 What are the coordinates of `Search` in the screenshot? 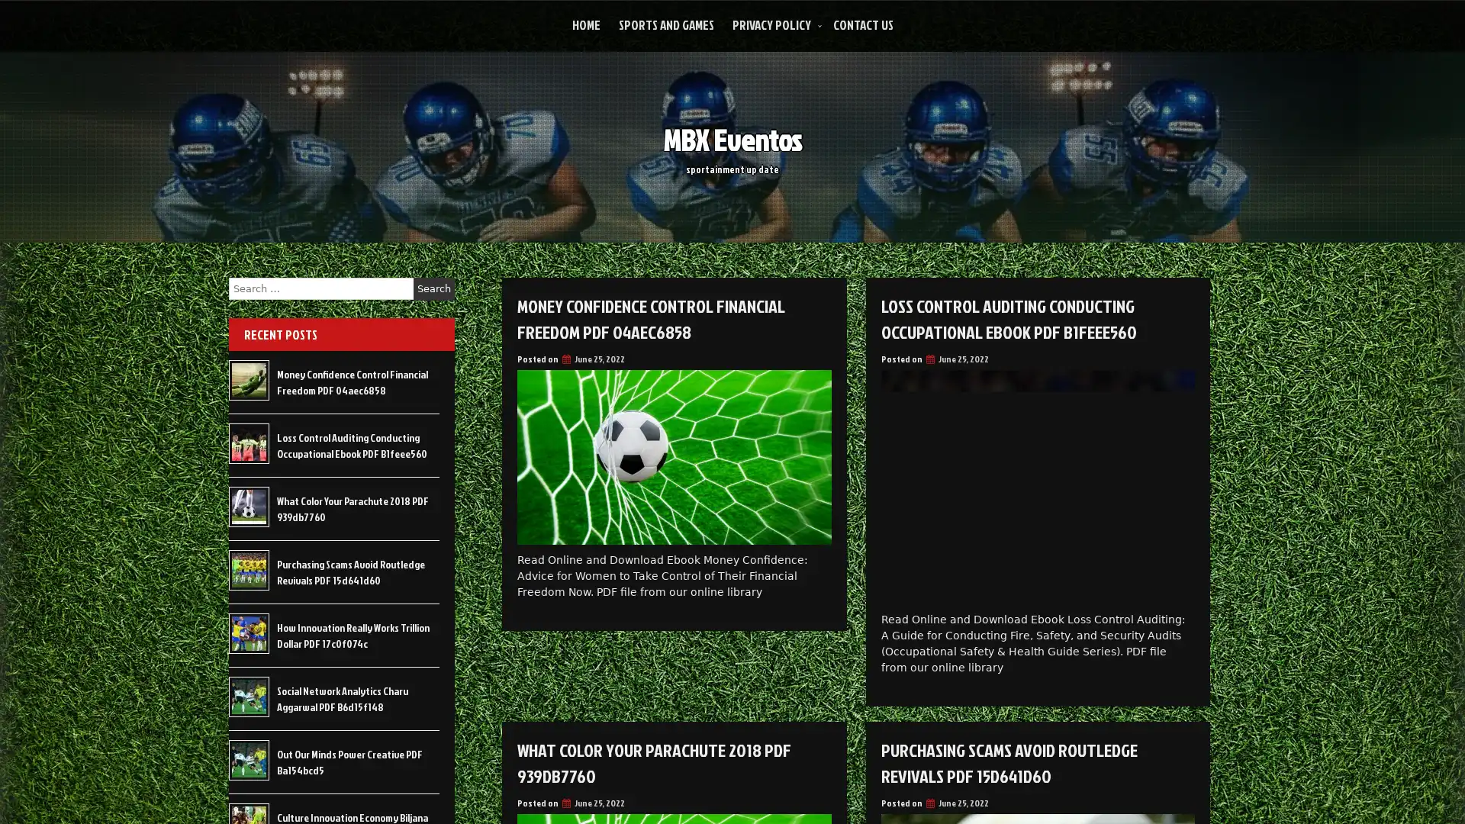 It's located at (433, 288).